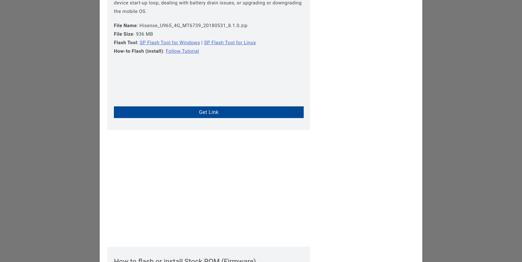  Describe the element at coordinates (208, 112) in the screenshot. I see `'Get Link'` at that location.